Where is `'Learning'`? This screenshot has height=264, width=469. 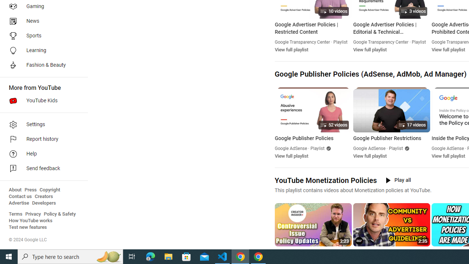
'Learning' is located at coordinates (41, 50).